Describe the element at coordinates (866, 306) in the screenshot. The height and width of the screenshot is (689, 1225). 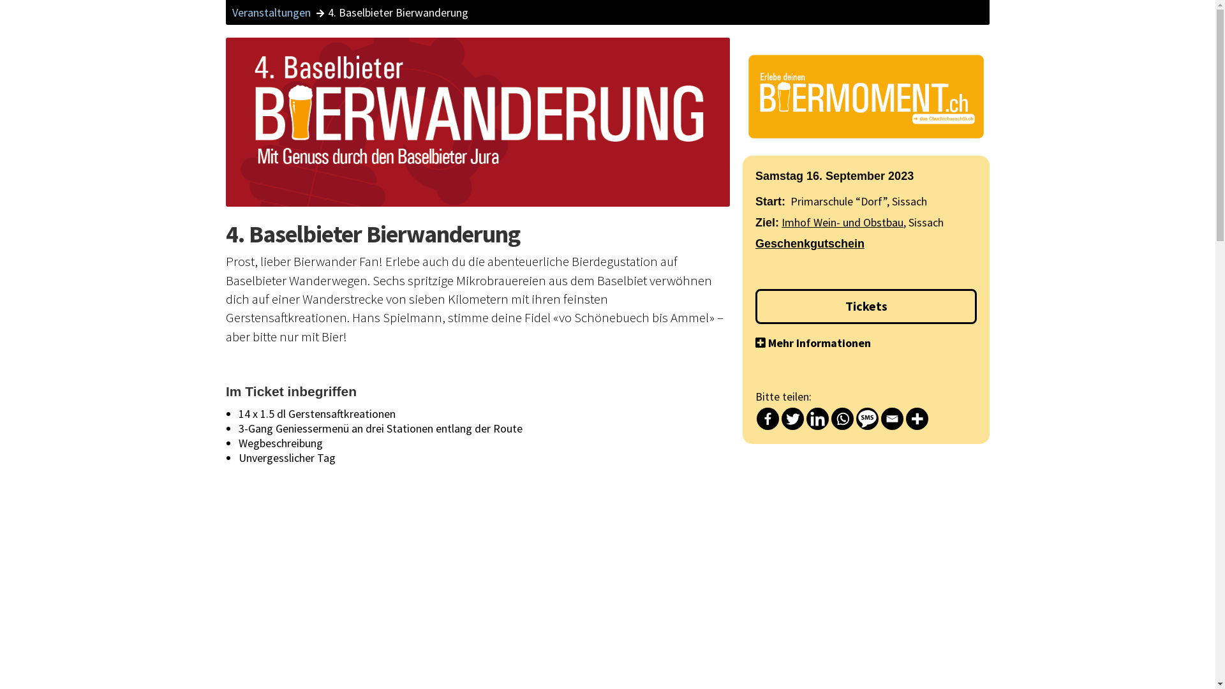
I see `'Tickets'` at that location.